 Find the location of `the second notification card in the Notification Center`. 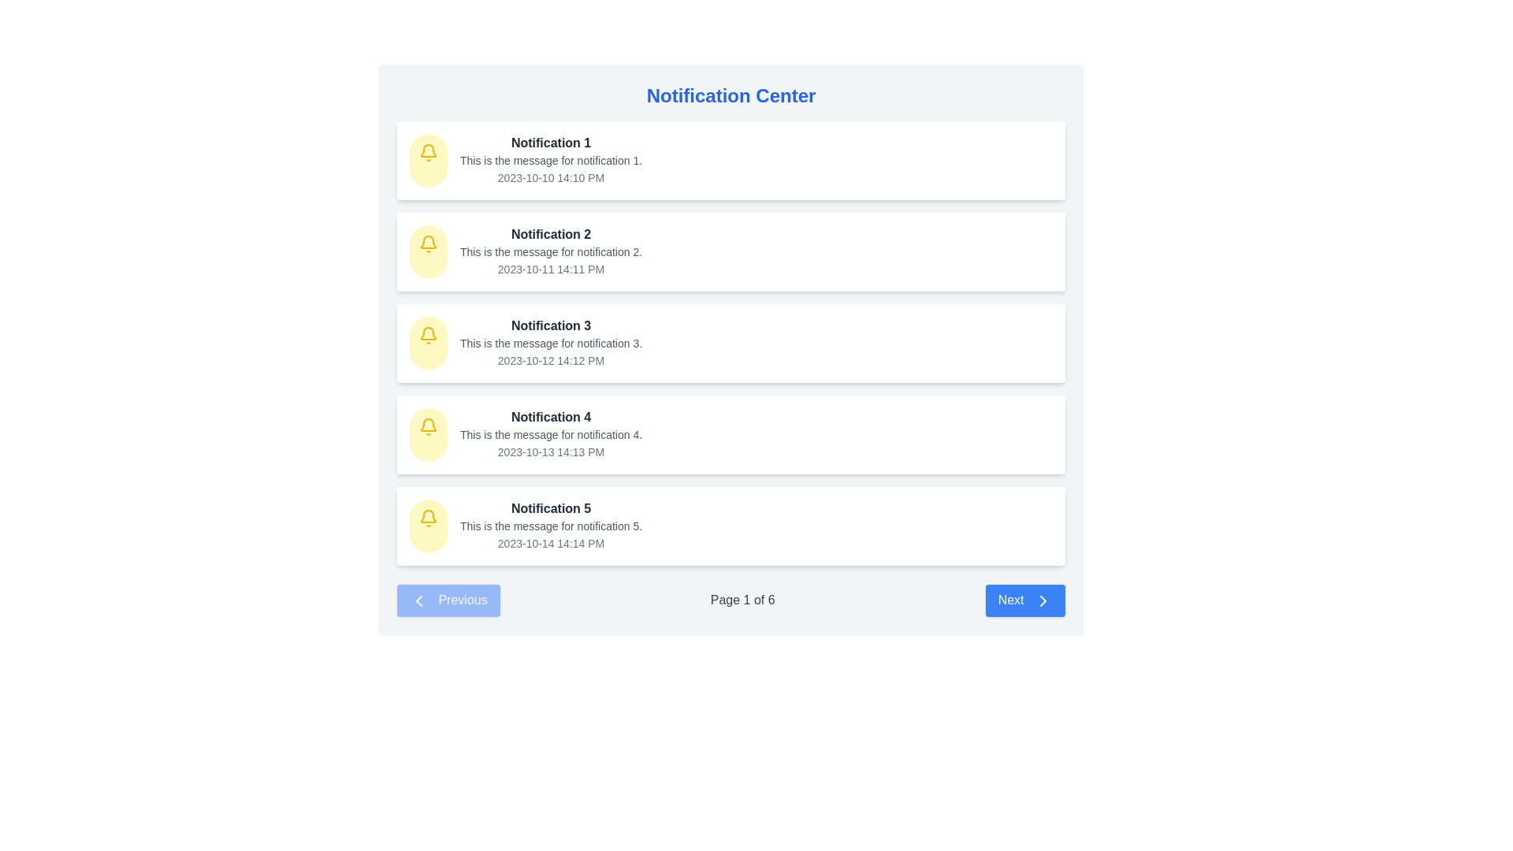

the second notification card in the Notification Center is located at coordinates (730, 251).